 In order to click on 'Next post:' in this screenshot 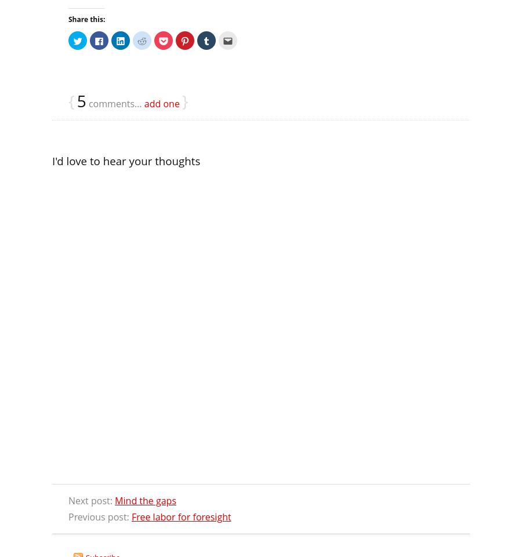, I will do `click(92, 500)`.